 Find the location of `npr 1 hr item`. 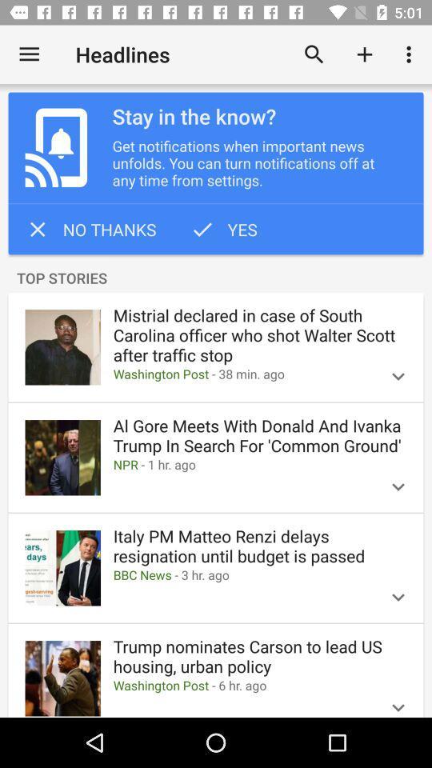

npr 1 hr item is located at coordinates (240, 465).